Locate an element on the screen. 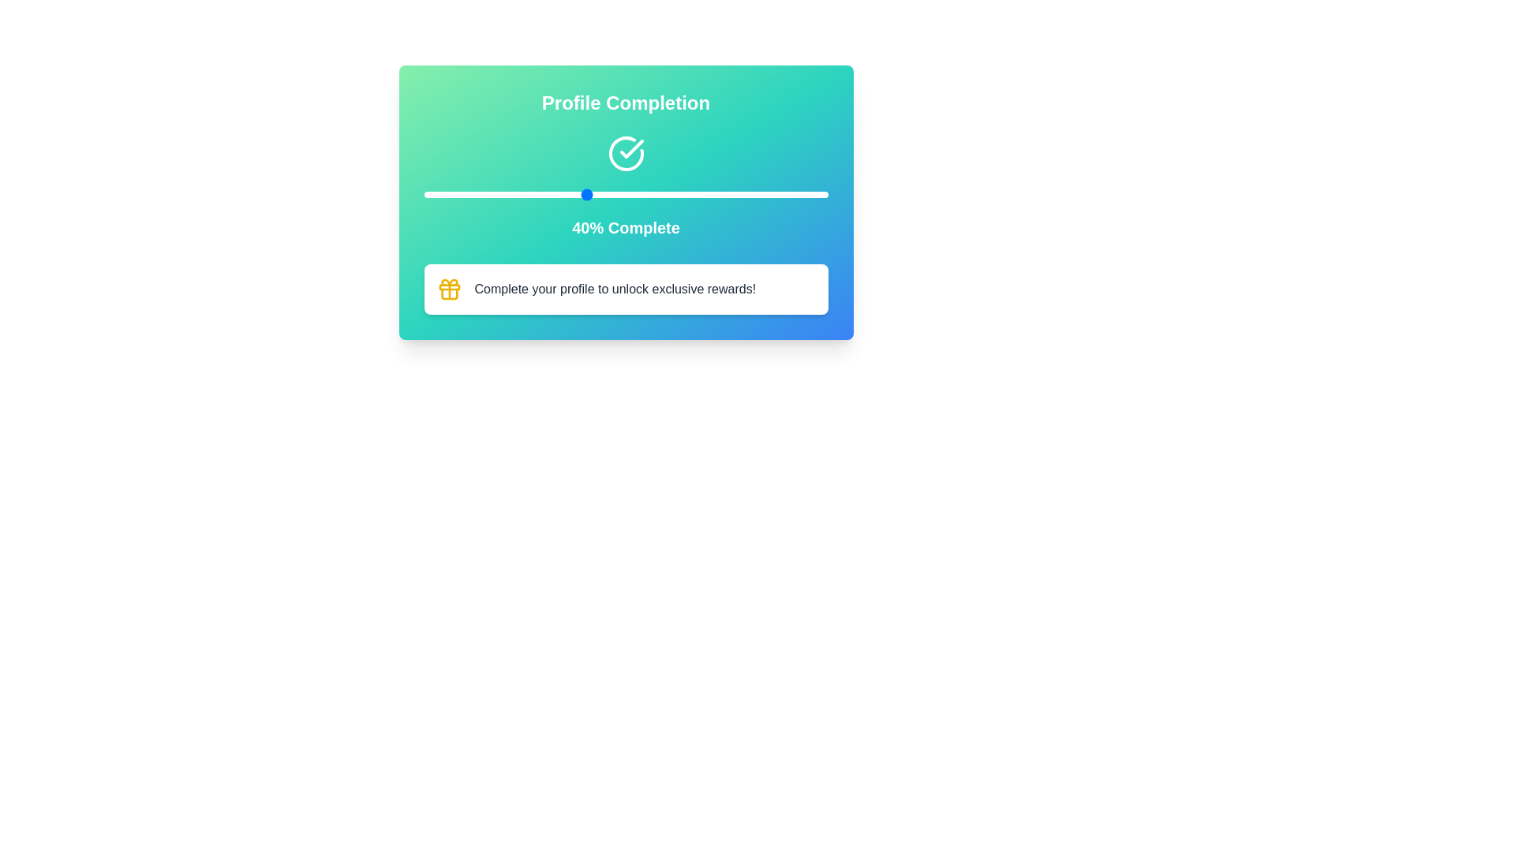 Image resolution: width=1515 pixels, height=852 pixels. the slider to set the completion percentage to 98 is located at coordinates (820, 193).